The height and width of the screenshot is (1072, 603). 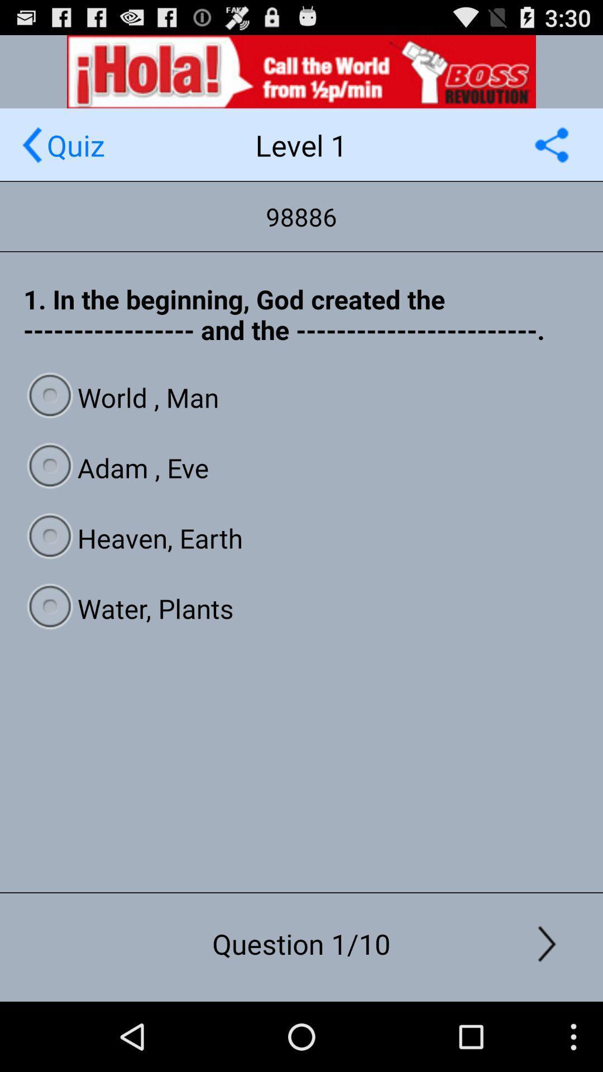 What do you see at coordinates (31, 144) in the screenshot?
I see `page` at bounding box center [31, 144].